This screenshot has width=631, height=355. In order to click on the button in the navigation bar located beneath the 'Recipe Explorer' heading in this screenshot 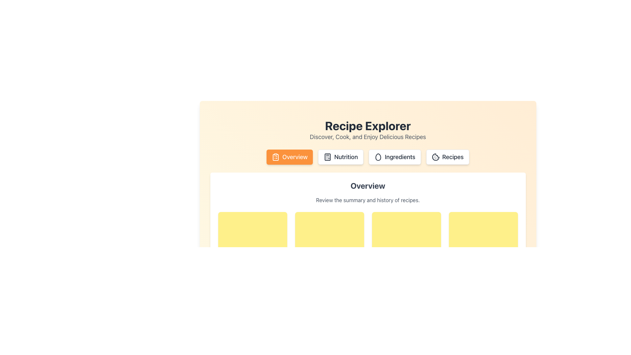, I will do `click(367, 157)`.